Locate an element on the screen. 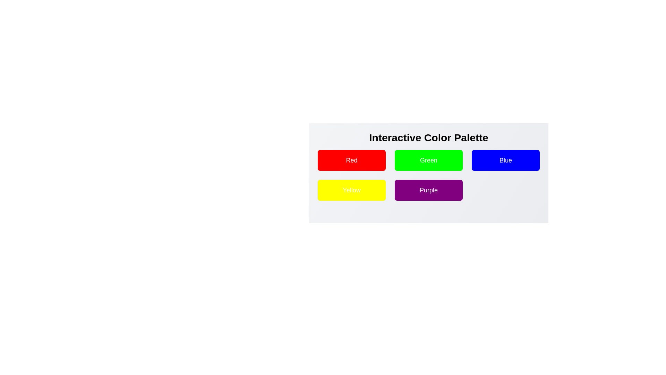 This screenshot has width=666, height=375. the 'Red' button, which is the first button in a grid layout with a vibrant red background and centered white text is located at coordinates (351, 160).